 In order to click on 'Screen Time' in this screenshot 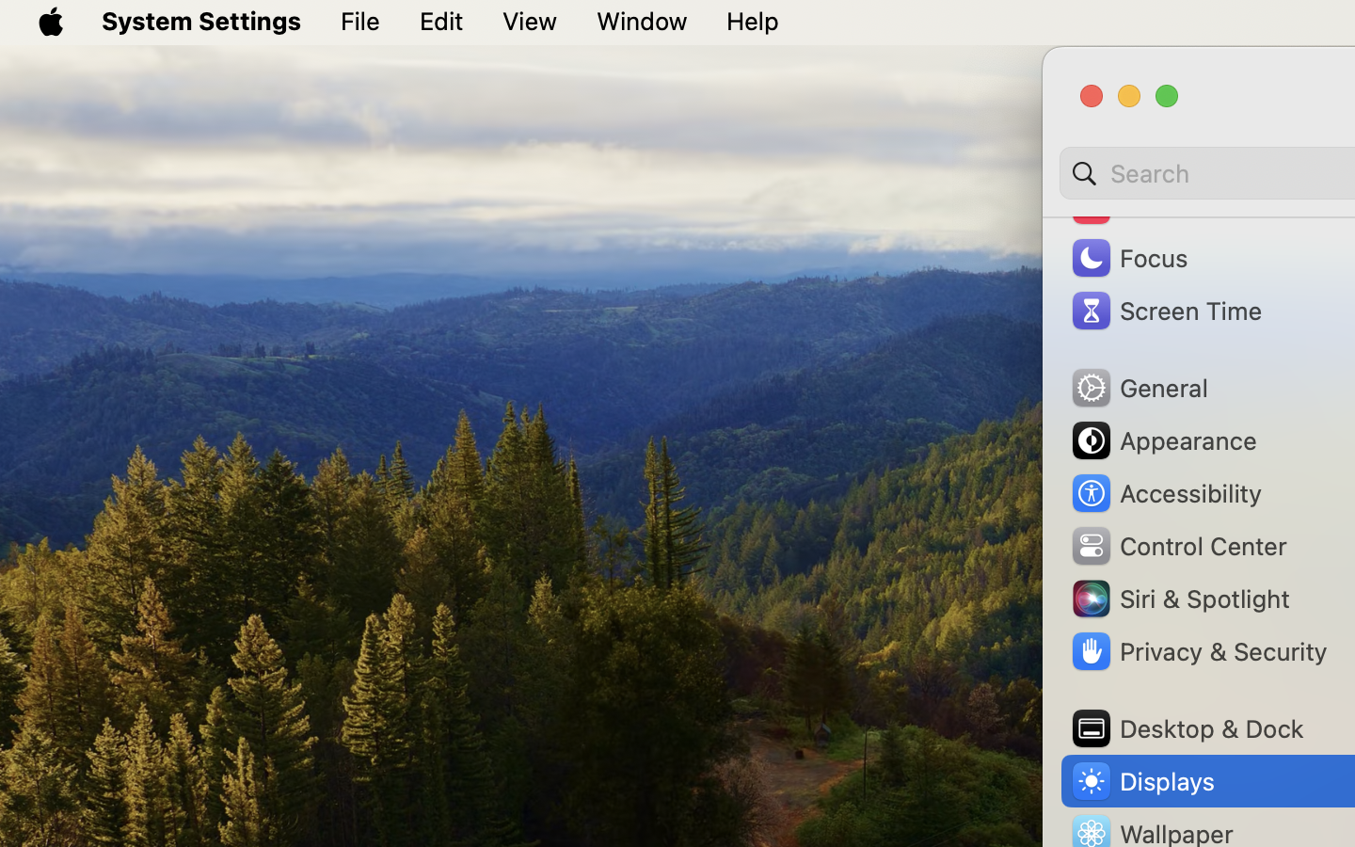, I will do `click(1164, 310)`.